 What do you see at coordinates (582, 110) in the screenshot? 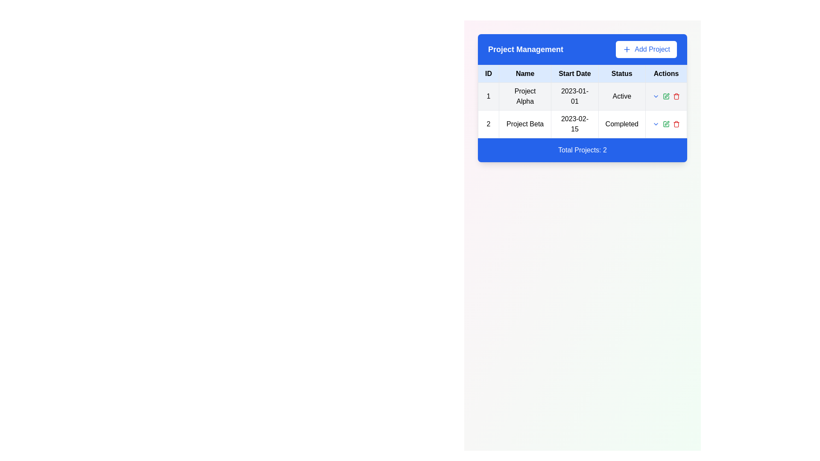
I see `the first row of the project management table` at bounding box center [582, 110].